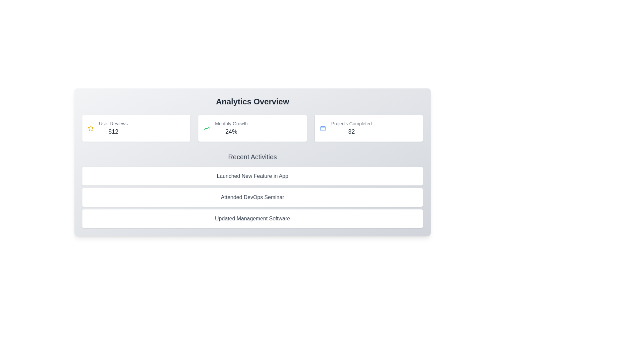  I want to click on the icon representing project completion statistics, located in the top row of the dashboard interface, on the rightmost panel of the card titled 'Projects Completed', so click(323, 128).